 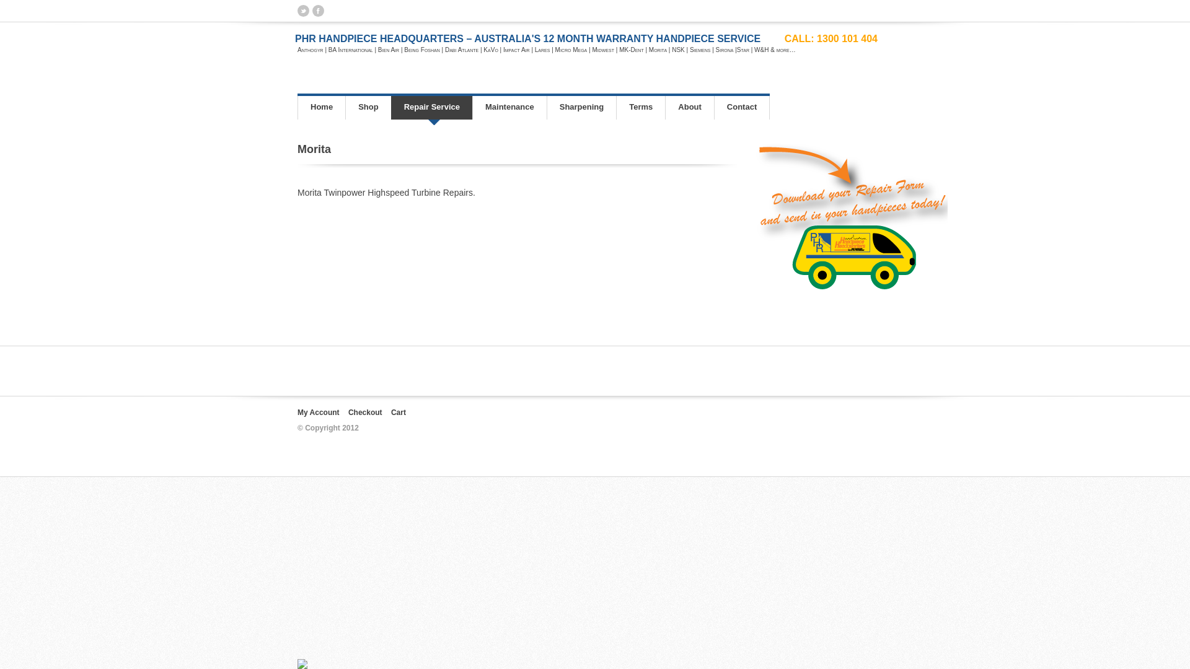 I want to click on 'Home', so click(x=321, y=107).